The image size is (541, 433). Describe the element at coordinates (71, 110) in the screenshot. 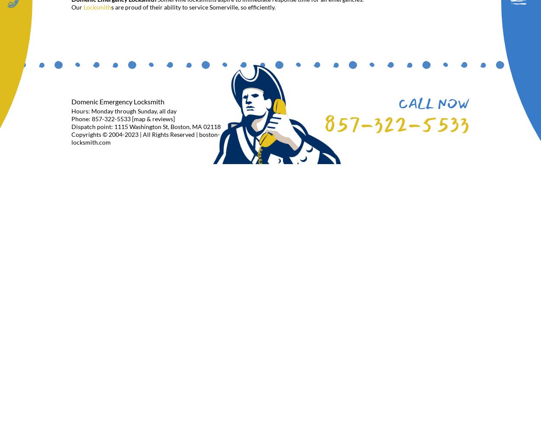

I see `'Hours: Monday through Sunday, all day'` at that location.